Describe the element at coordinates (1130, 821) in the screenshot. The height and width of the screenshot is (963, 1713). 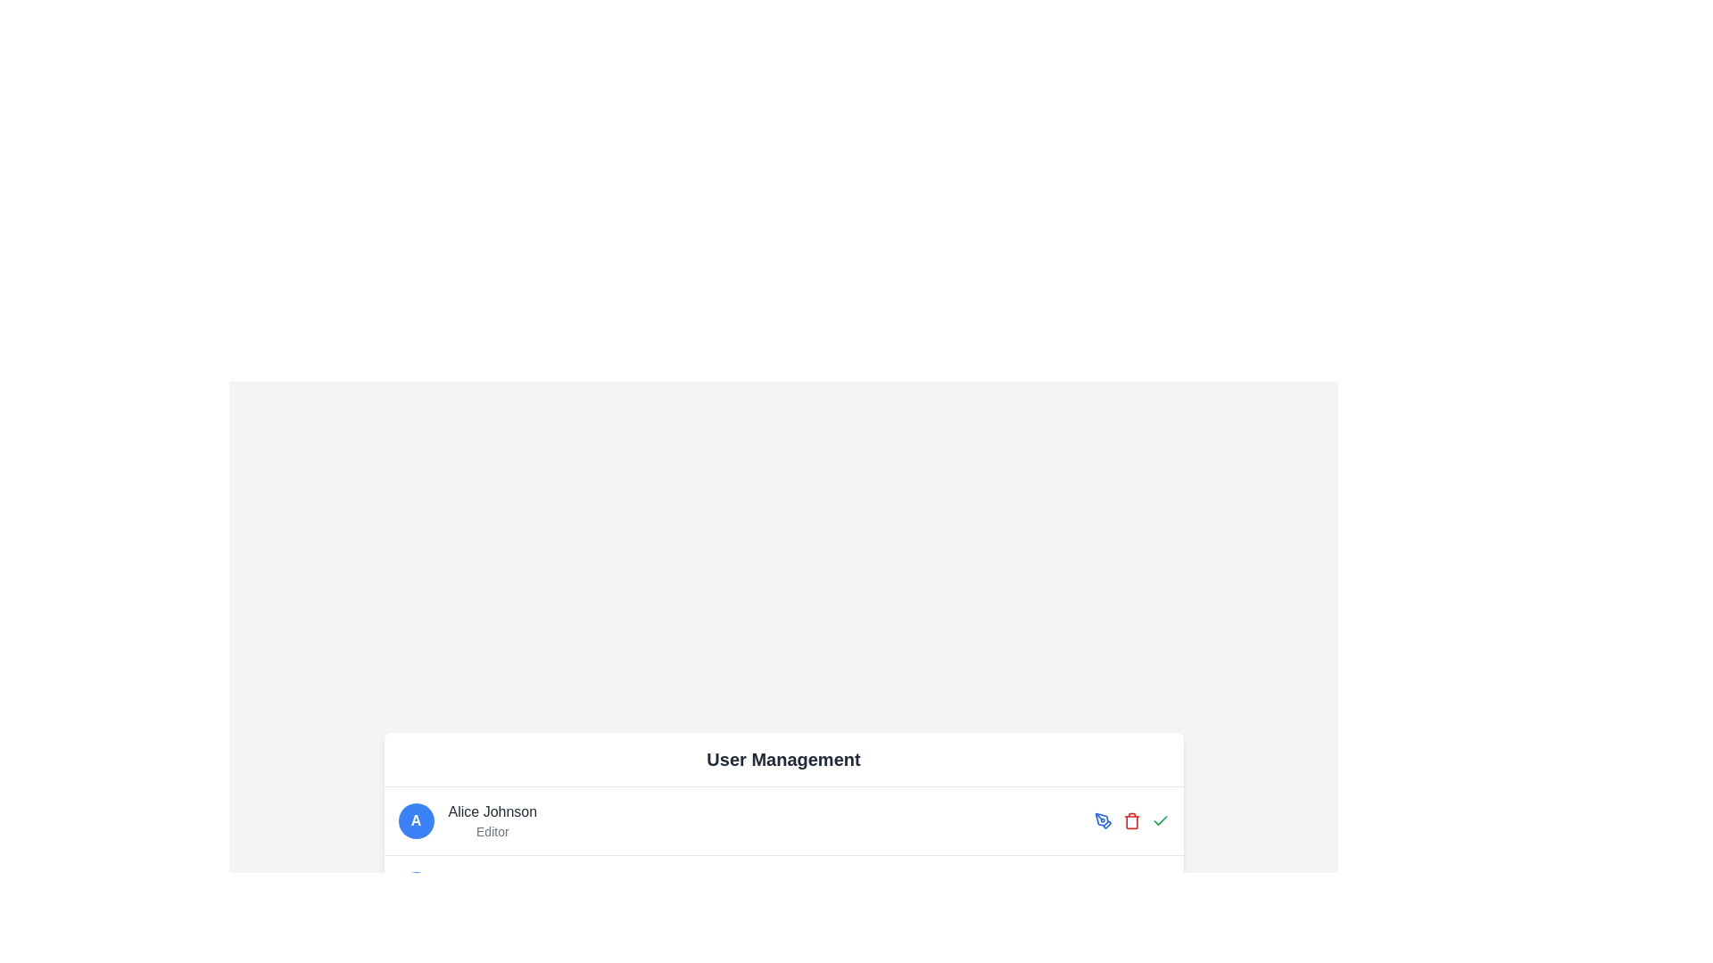
I see `the delete button, which is the second action icon` at that location.